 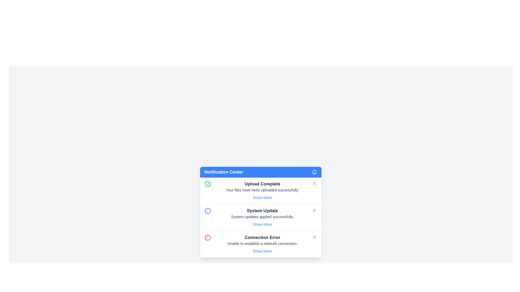 I want to click on the hyperlinked text 'Show More' styled in blue font, located below the 'Upload Complete' title and the descriptive text in the topmost notification item, so click(x=262, y=198).